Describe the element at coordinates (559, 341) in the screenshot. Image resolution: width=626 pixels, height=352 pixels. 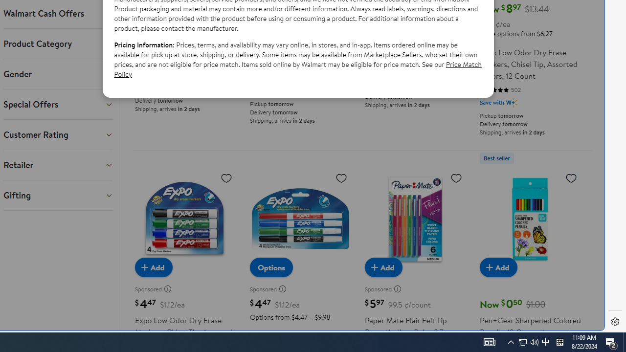
I see `'Tray Input Indicator - Chinese (Simplified, China)'` at that location.